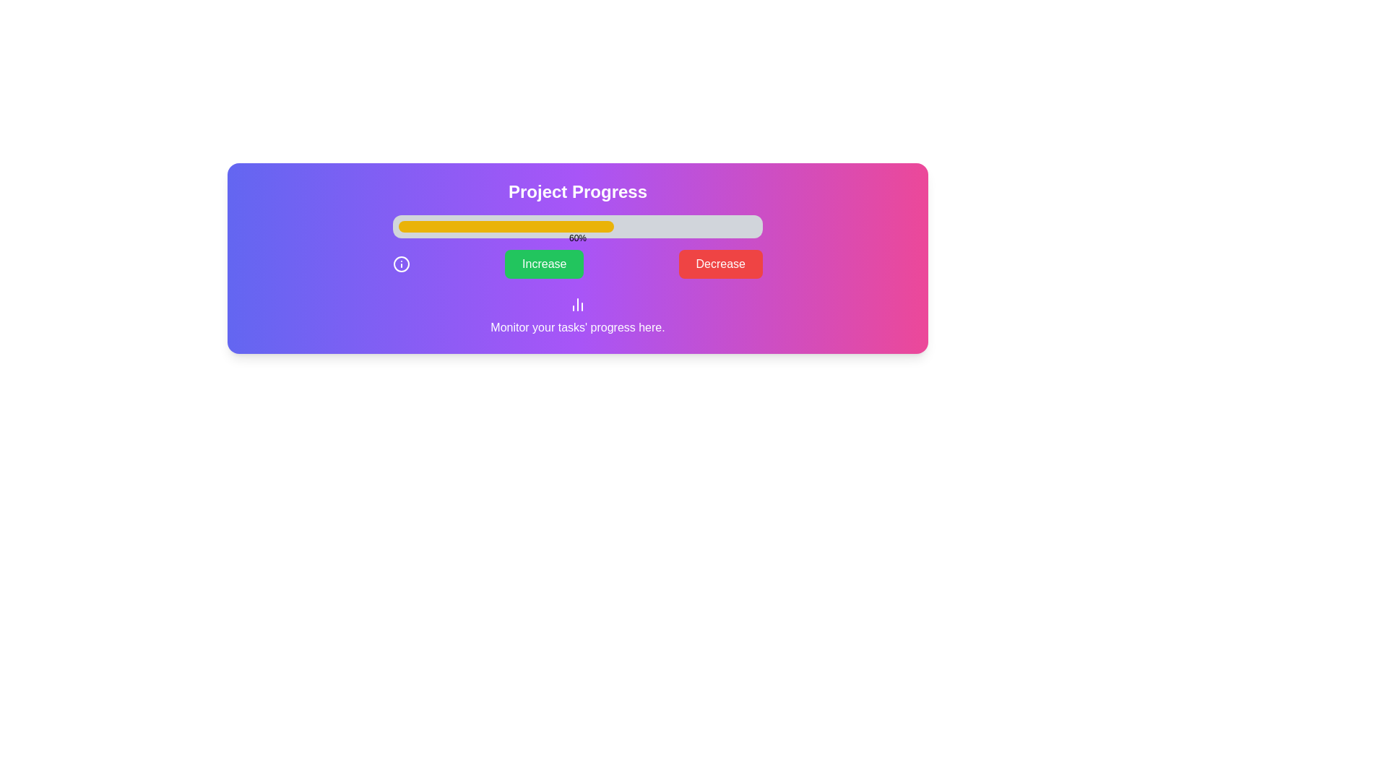 Image resolution: width=1387 pixels, height=780 pixels. What do you see at coordinates (578, 316) in the screenshot?
I see `the text label that displays 'Monitor your tasks' progress here.' which is located below the progress bar and buttons labeled 'Increase' and 'Decrease' in the 'Project Progress' section` at bounding box center [578, 316].